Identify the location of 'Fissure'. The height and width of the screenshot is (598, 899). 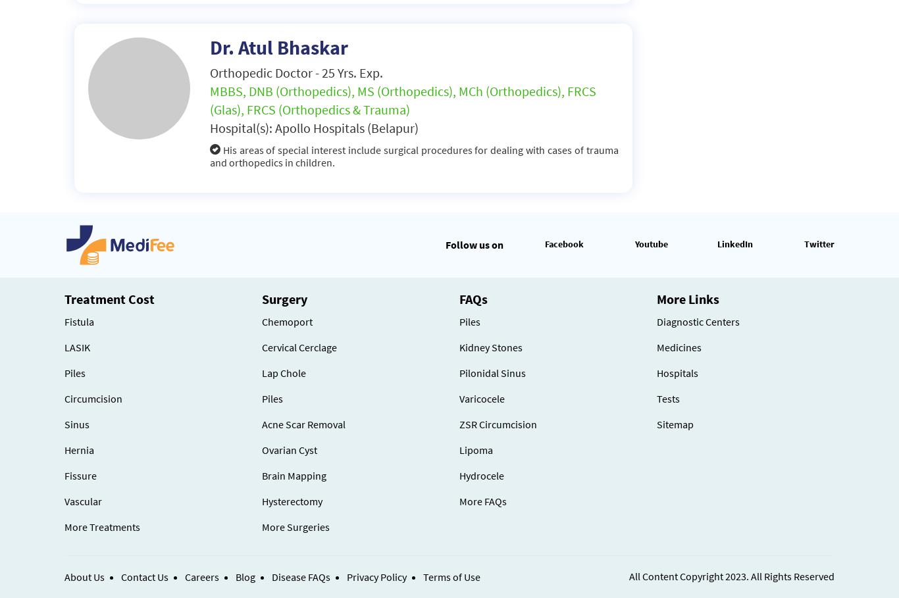
(64, 474).